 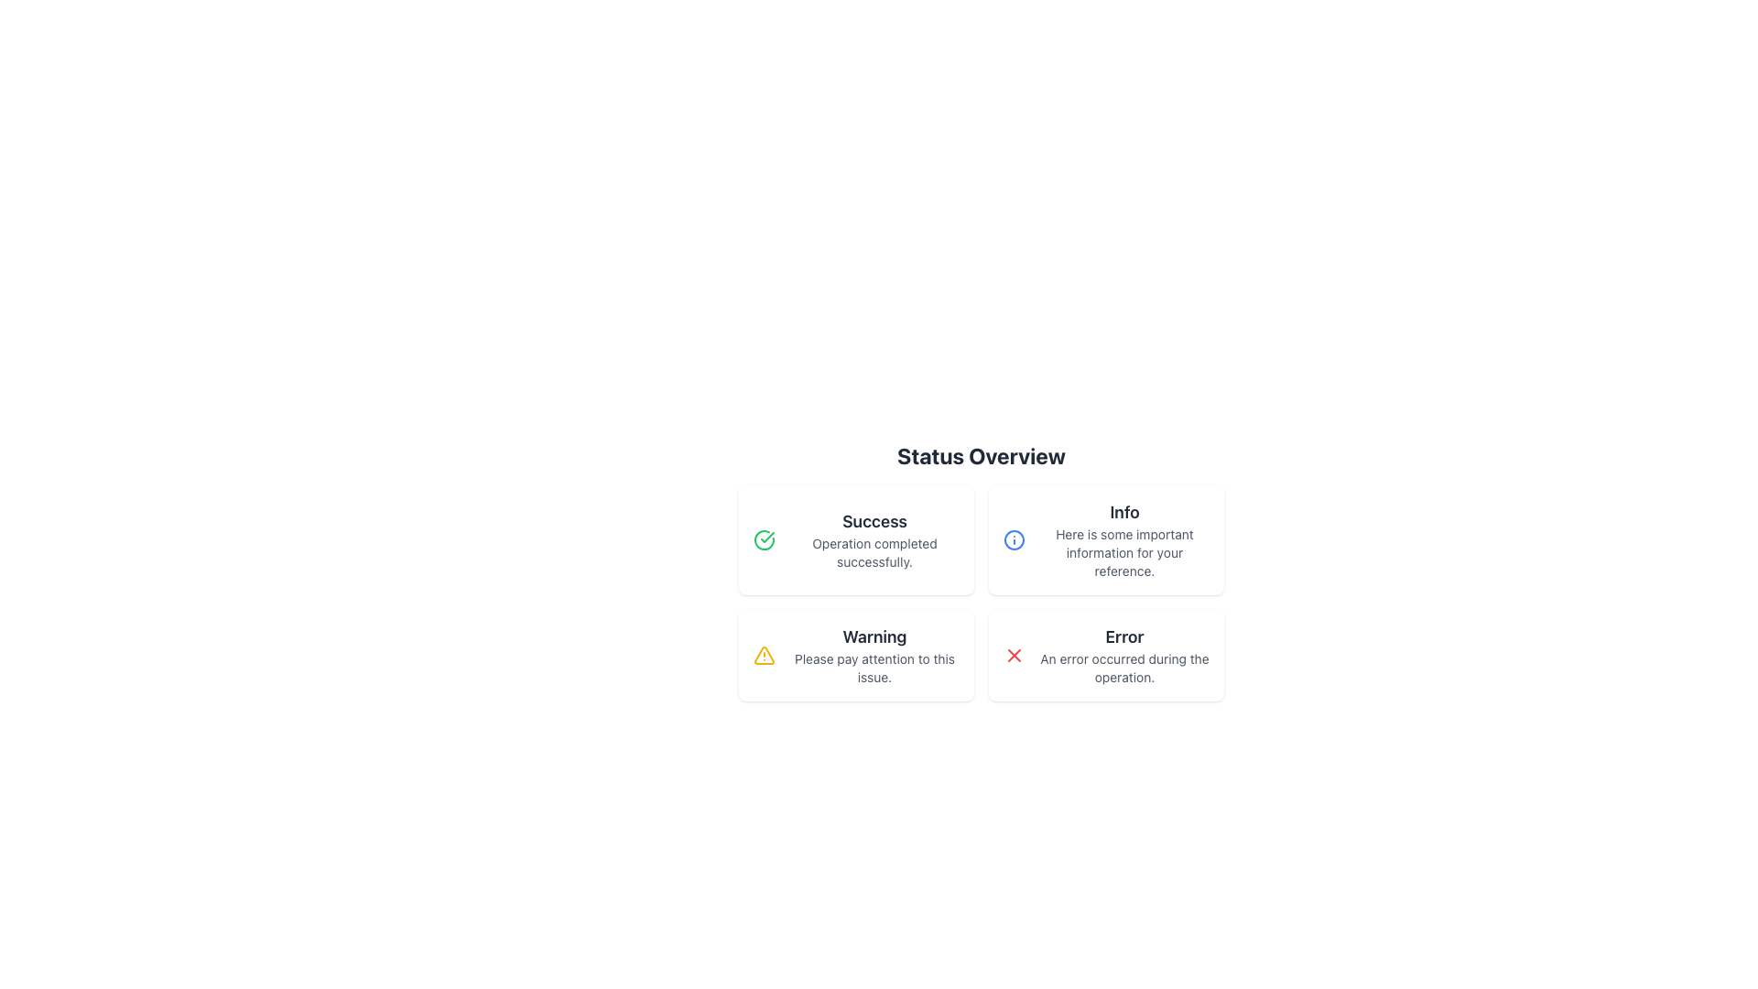 What do you see at coordinates (855, 539) in the screenshot?
I see `the content of the Status indicator card, which shows a successful completion message and a green checkmark icon, located in the top-left section of the grid layout` at bounding box center [855, 539].